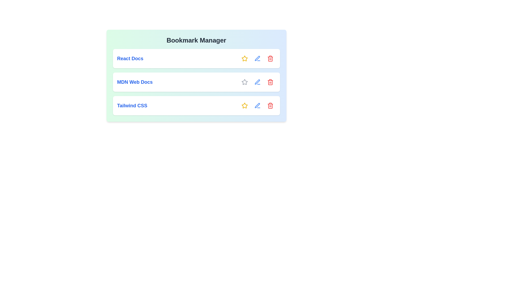  I want to click on the interactive element MDN Web Docs Star to reveal its hover state, so click(244, 82).